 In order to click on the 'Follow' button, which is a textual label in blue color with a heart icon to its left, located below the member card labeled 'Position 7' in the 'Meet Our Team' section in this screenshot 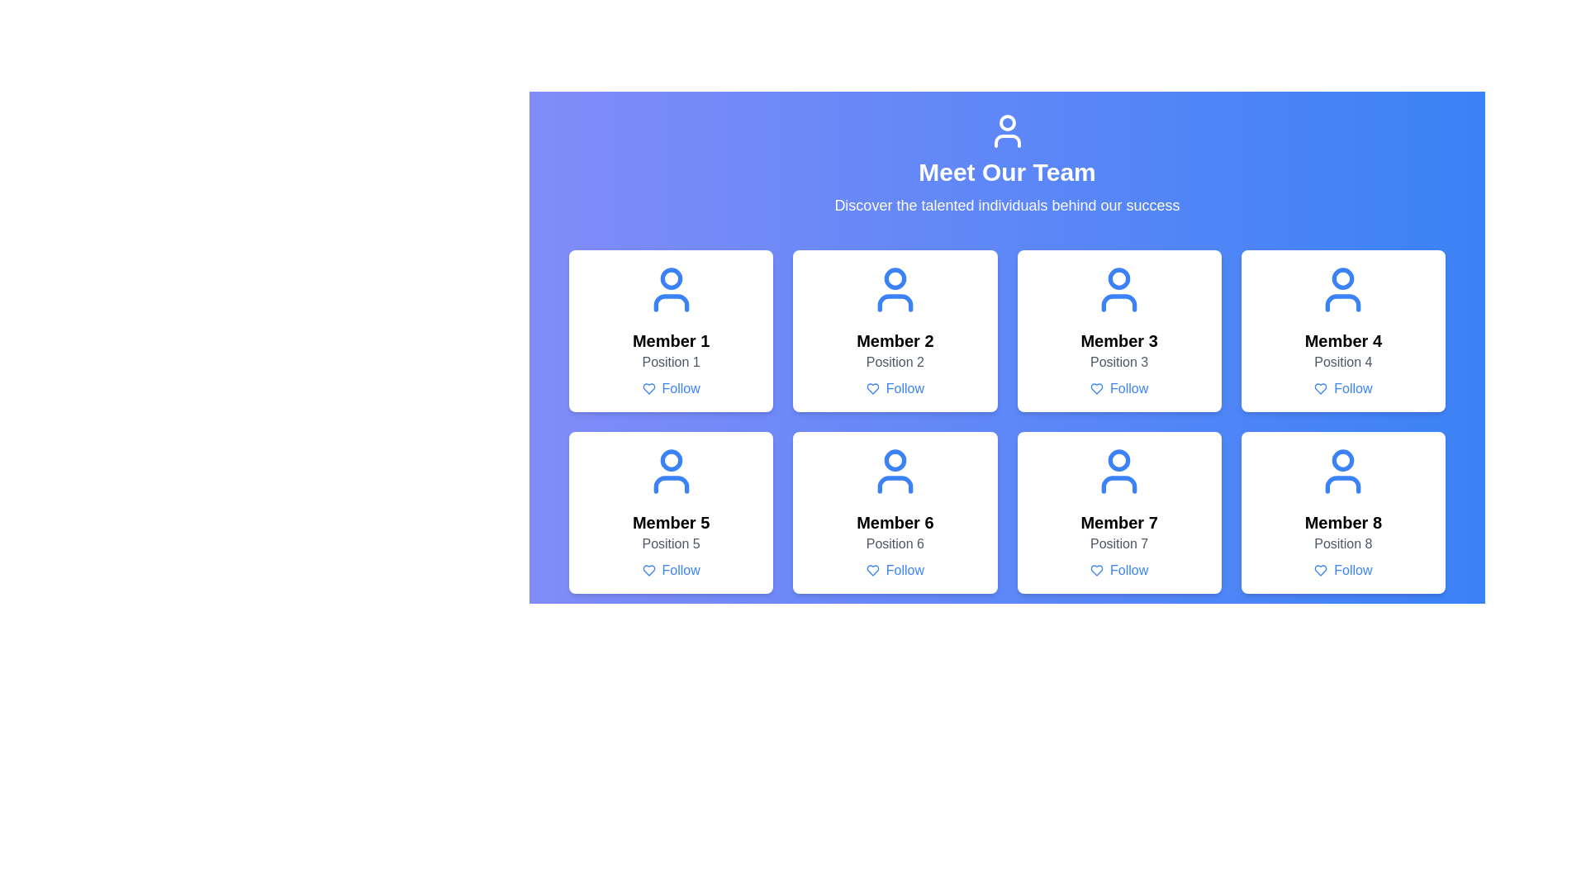, I will do `click(1128, 569)`.